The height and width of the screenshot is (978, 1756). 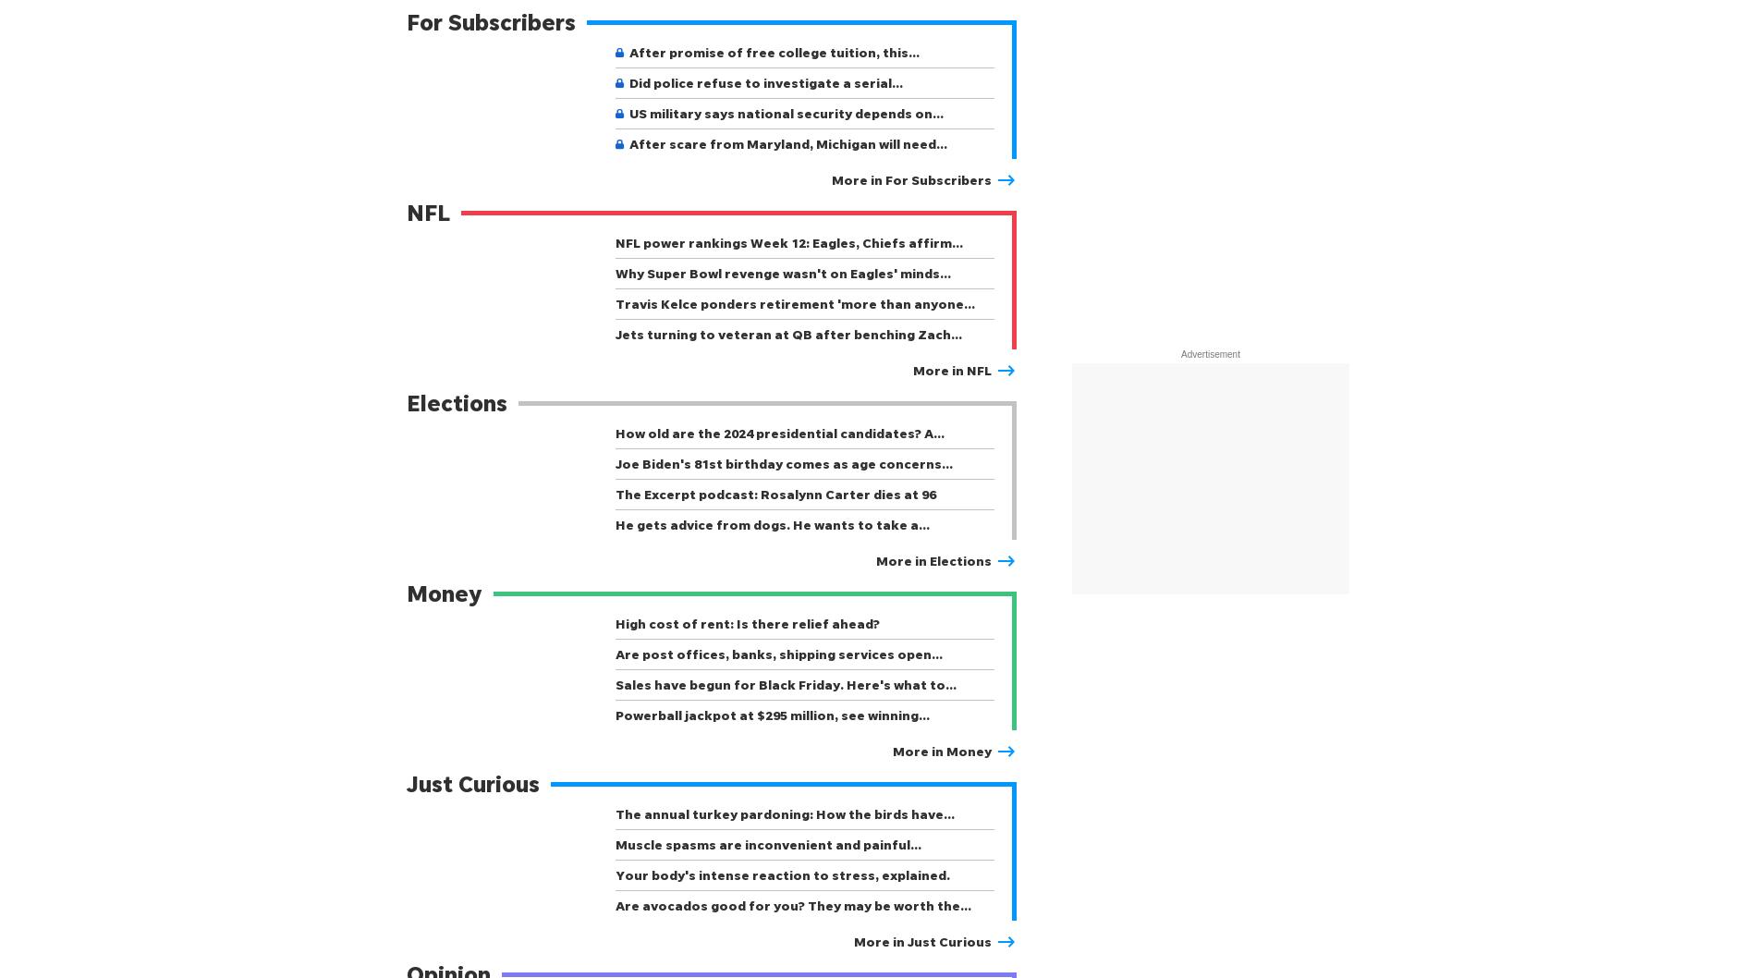 I want to click on 'Sales have begun for Black Friday. Here's what to…', so click(x=615, y=684).